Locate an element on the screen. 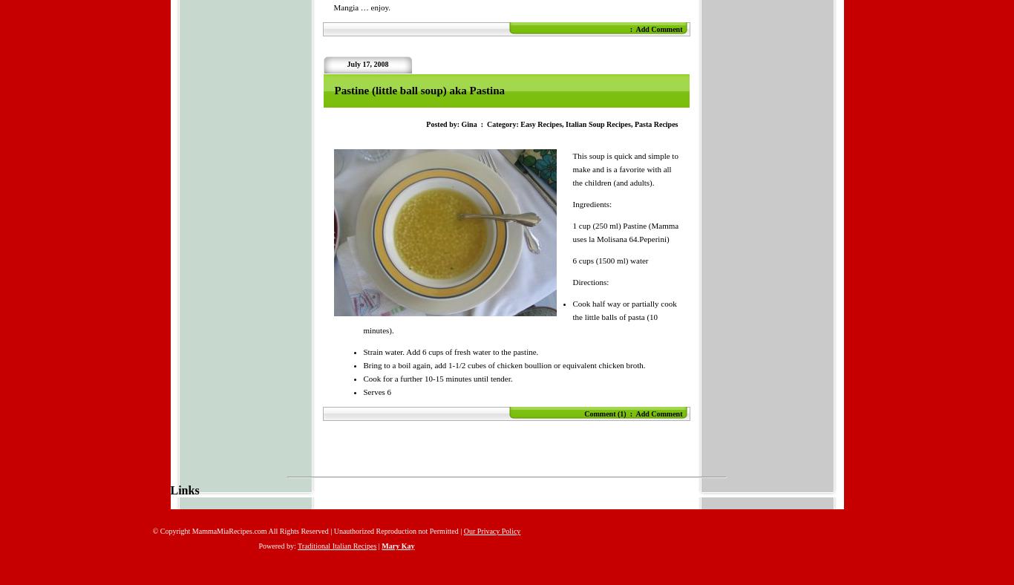  'Mary Kay' is located at coordinates (398, 546).